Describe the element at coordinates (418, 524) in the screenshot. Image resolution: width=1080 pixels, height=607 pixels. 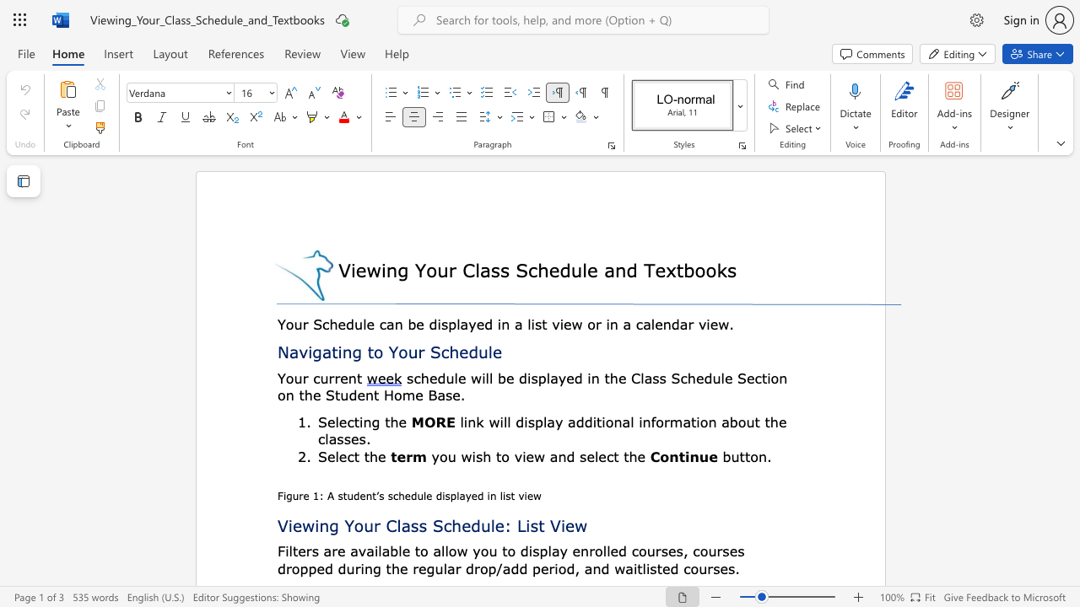
I see `the subset text "s Sc" within the text "Viewing Your Class Schedule: List View"` at that location.